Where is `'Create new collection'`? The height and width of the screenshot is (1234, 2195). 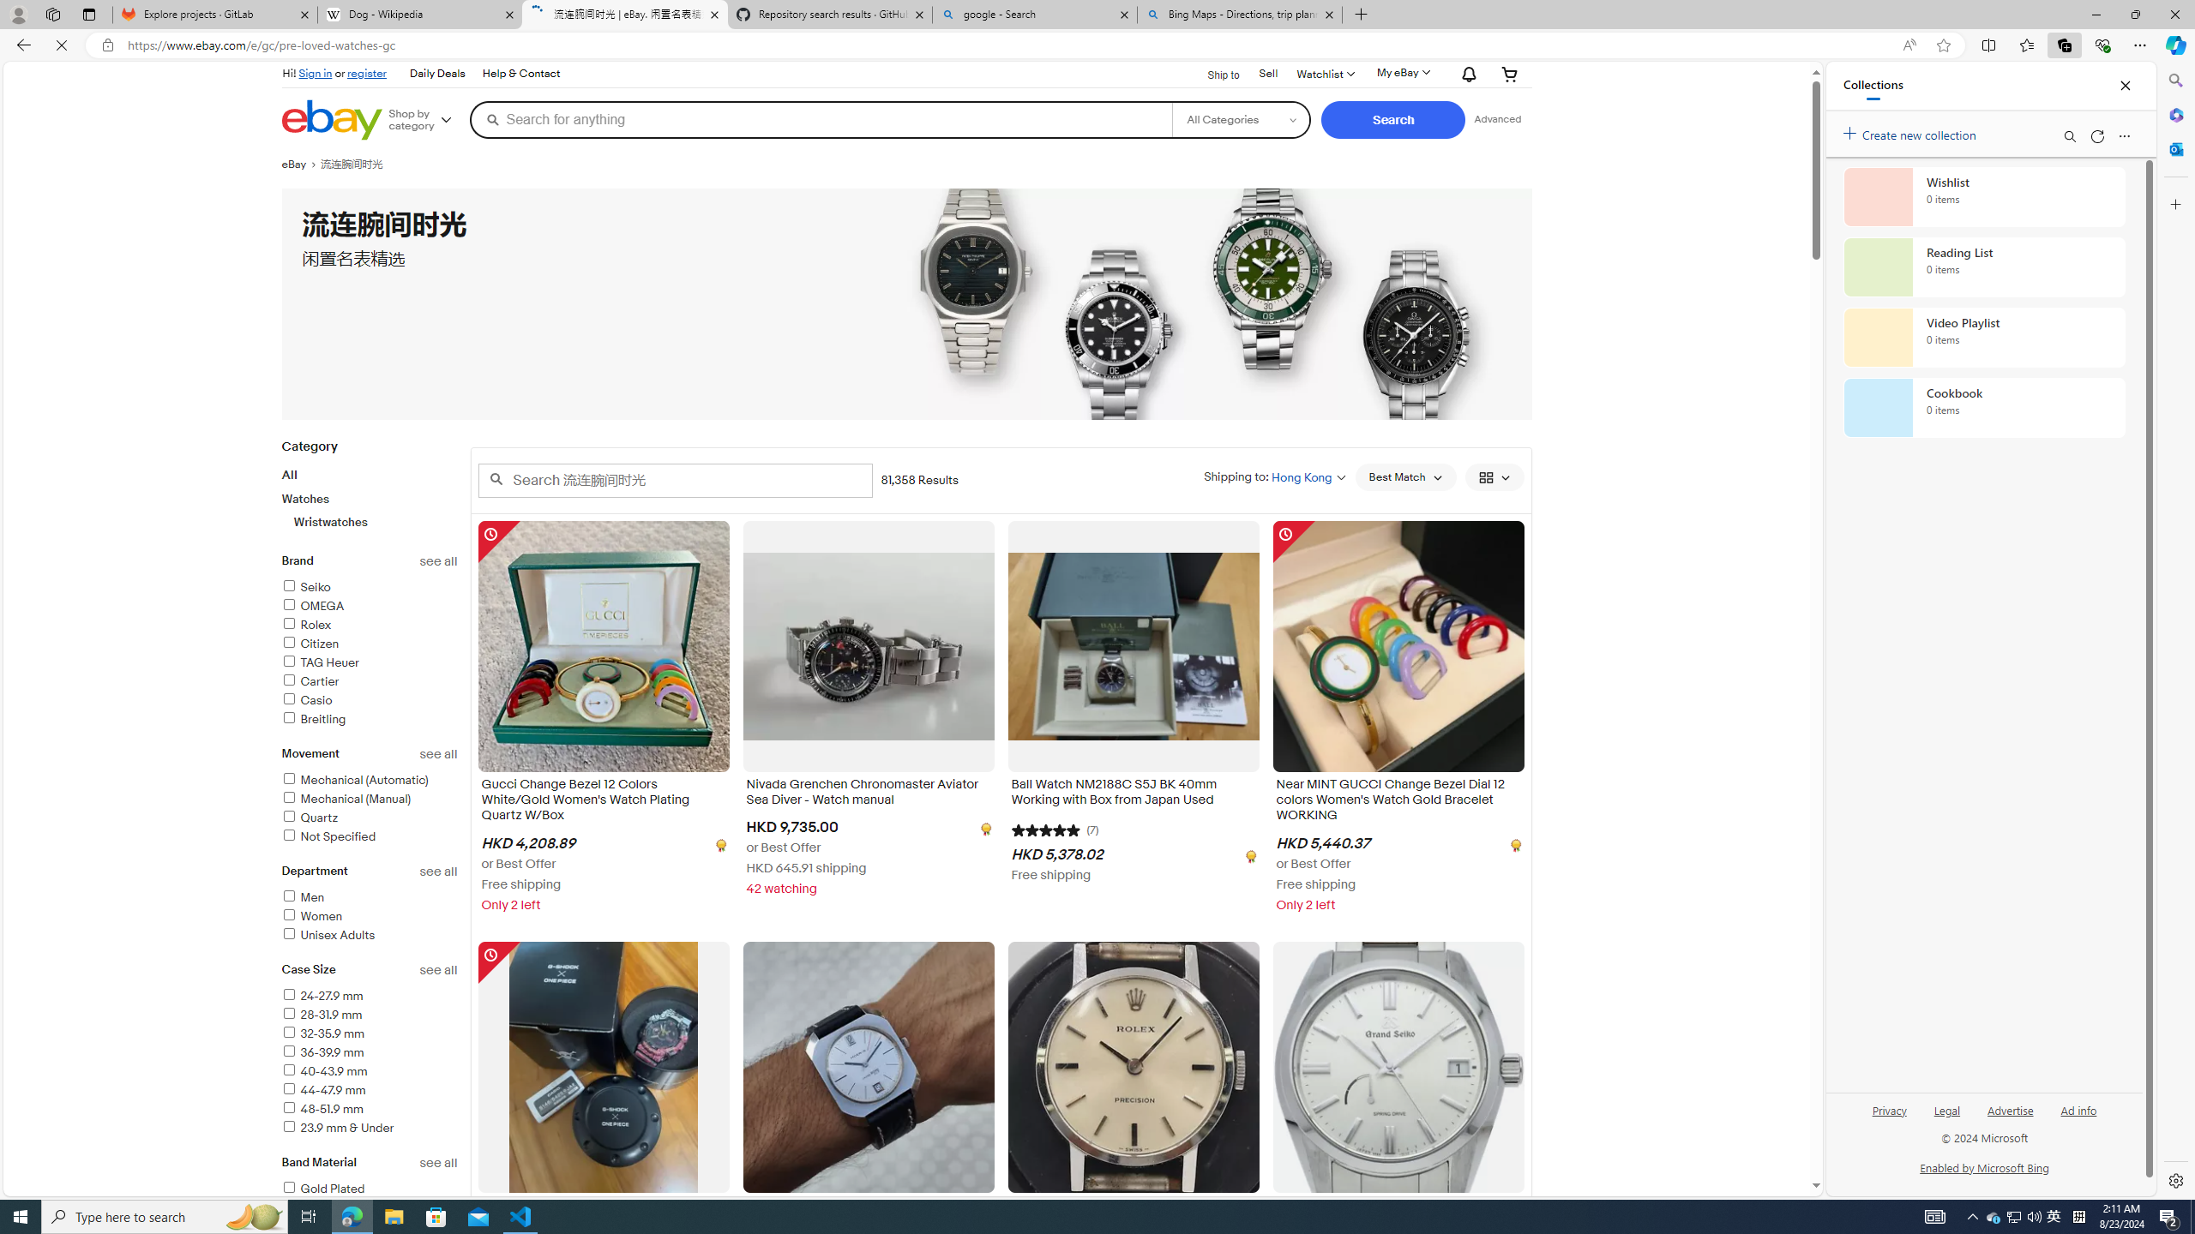
'Create new collection' is located at coordinates (1912, 131).